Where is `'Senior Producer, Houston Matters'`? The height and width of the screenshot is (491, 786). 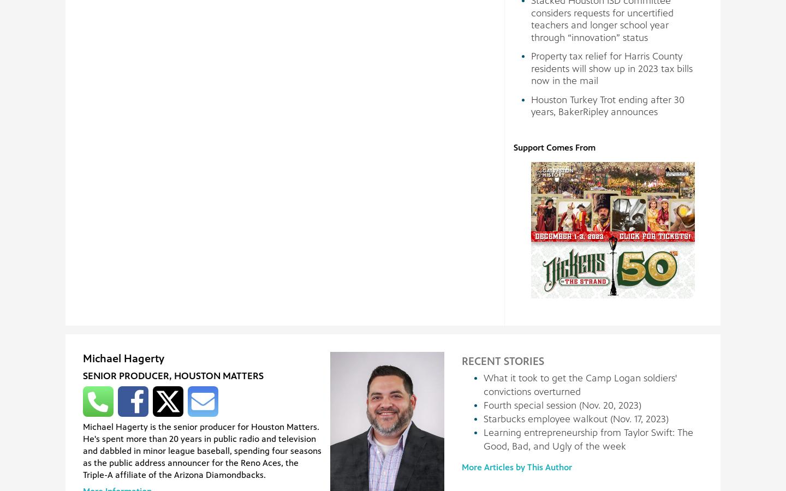
'Senior Producer, Houston Matters' is located at coordinates (173, 374).